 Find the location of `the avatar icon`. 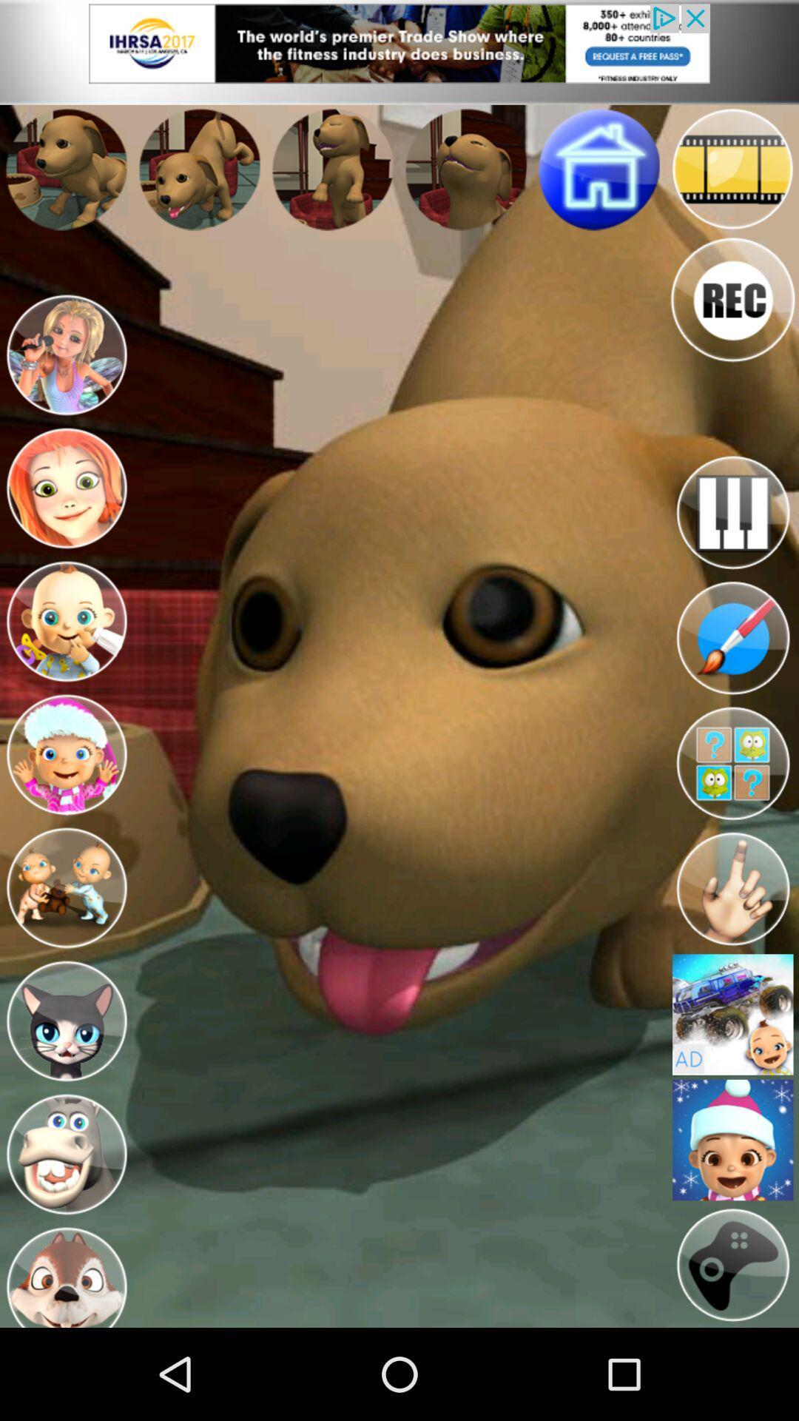

the avatar icon is located at coordinates (65, 523).